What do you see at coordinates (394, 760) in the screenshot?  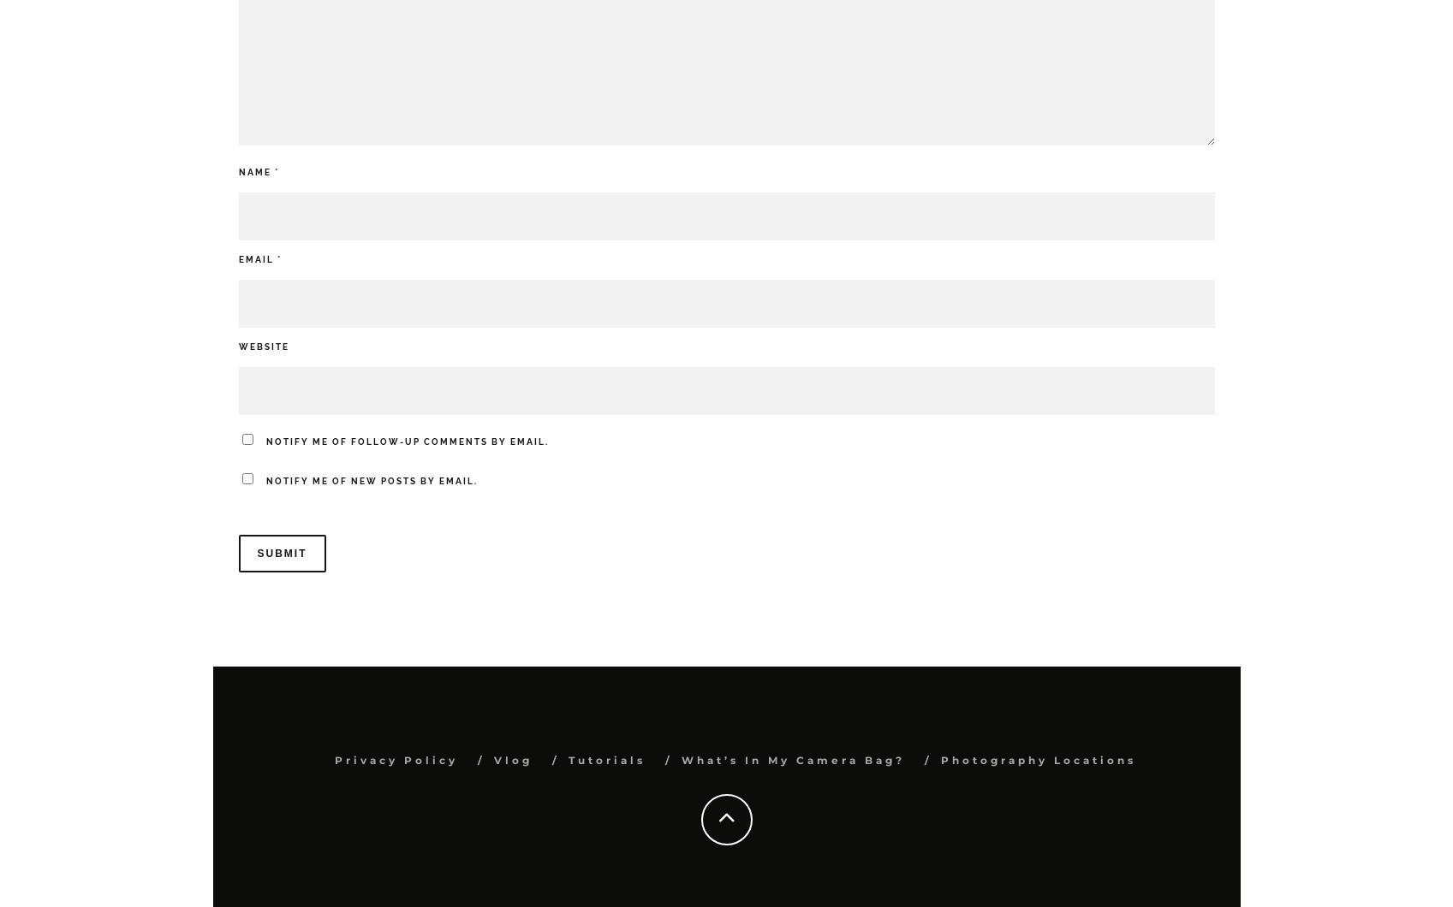 I see `'Privacy Policy'` at bounding box center [394, 760].